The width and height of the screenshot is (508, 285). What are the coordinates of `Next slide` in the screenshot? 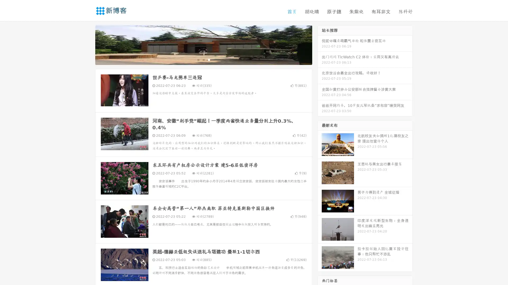 It's located at (320, 44).